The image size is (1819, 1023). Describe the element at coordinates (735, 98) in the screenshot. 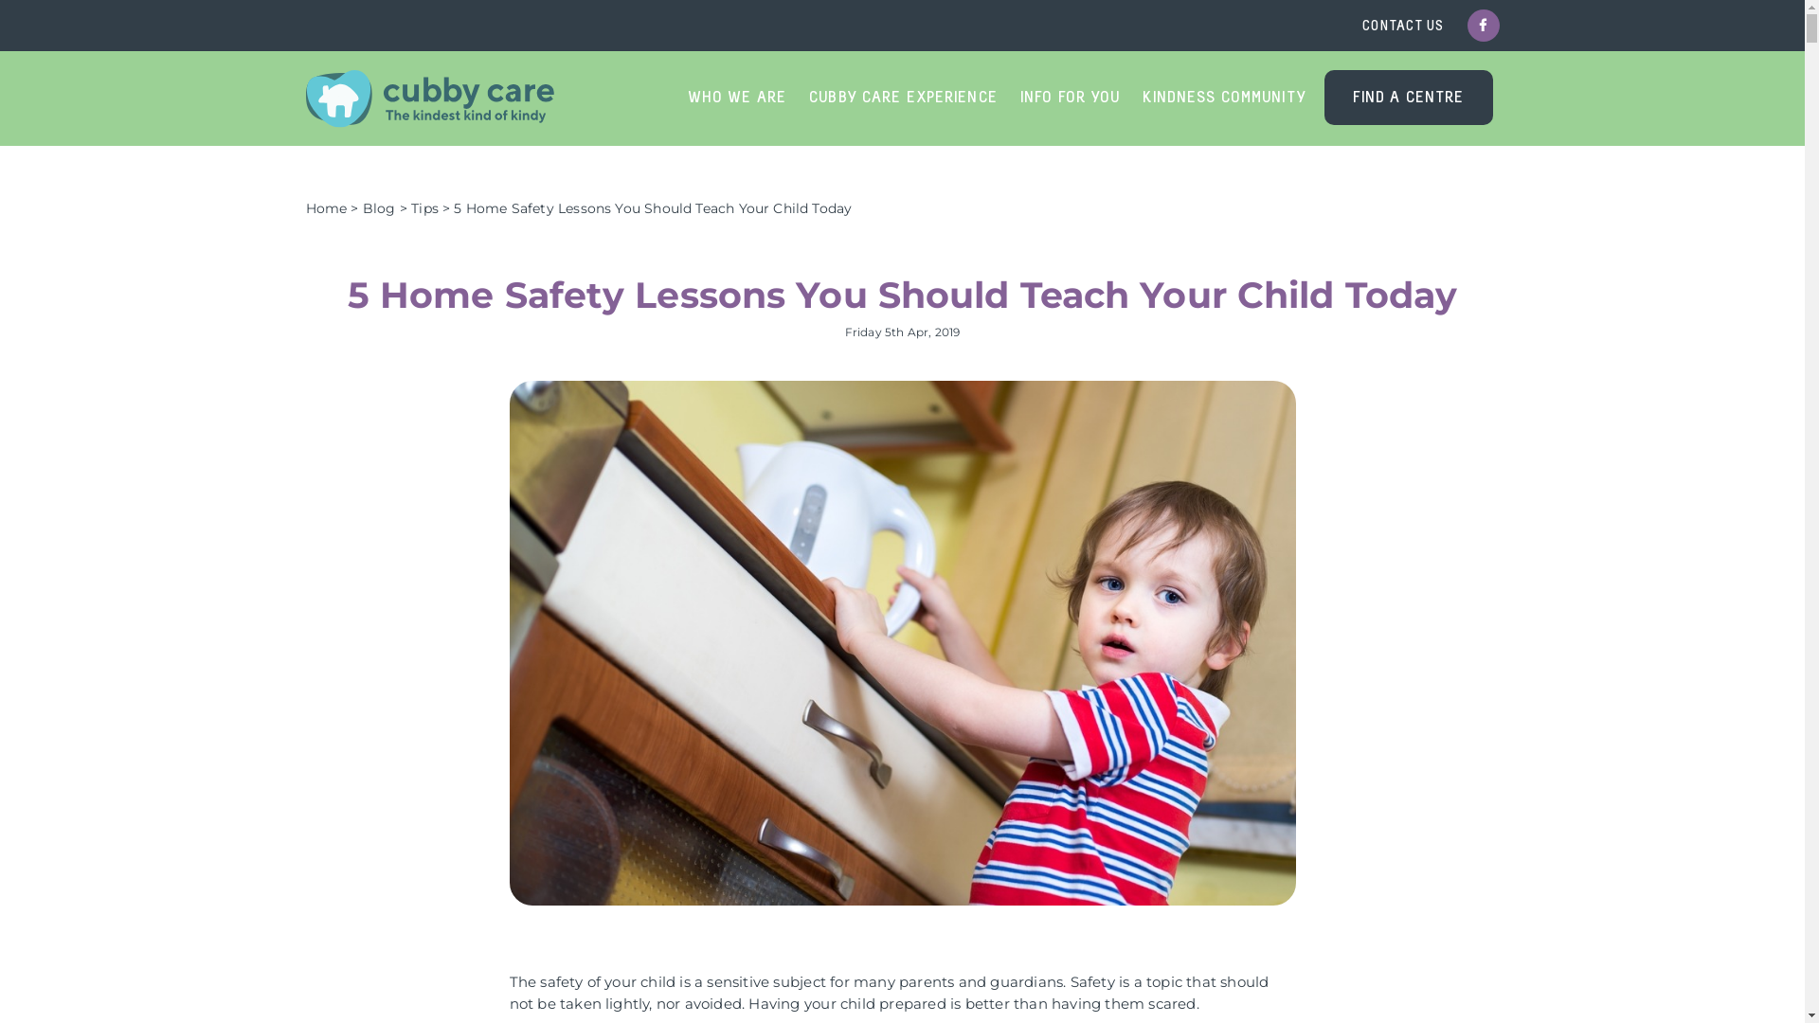

I see `'WHO WE ARE'` at that location.